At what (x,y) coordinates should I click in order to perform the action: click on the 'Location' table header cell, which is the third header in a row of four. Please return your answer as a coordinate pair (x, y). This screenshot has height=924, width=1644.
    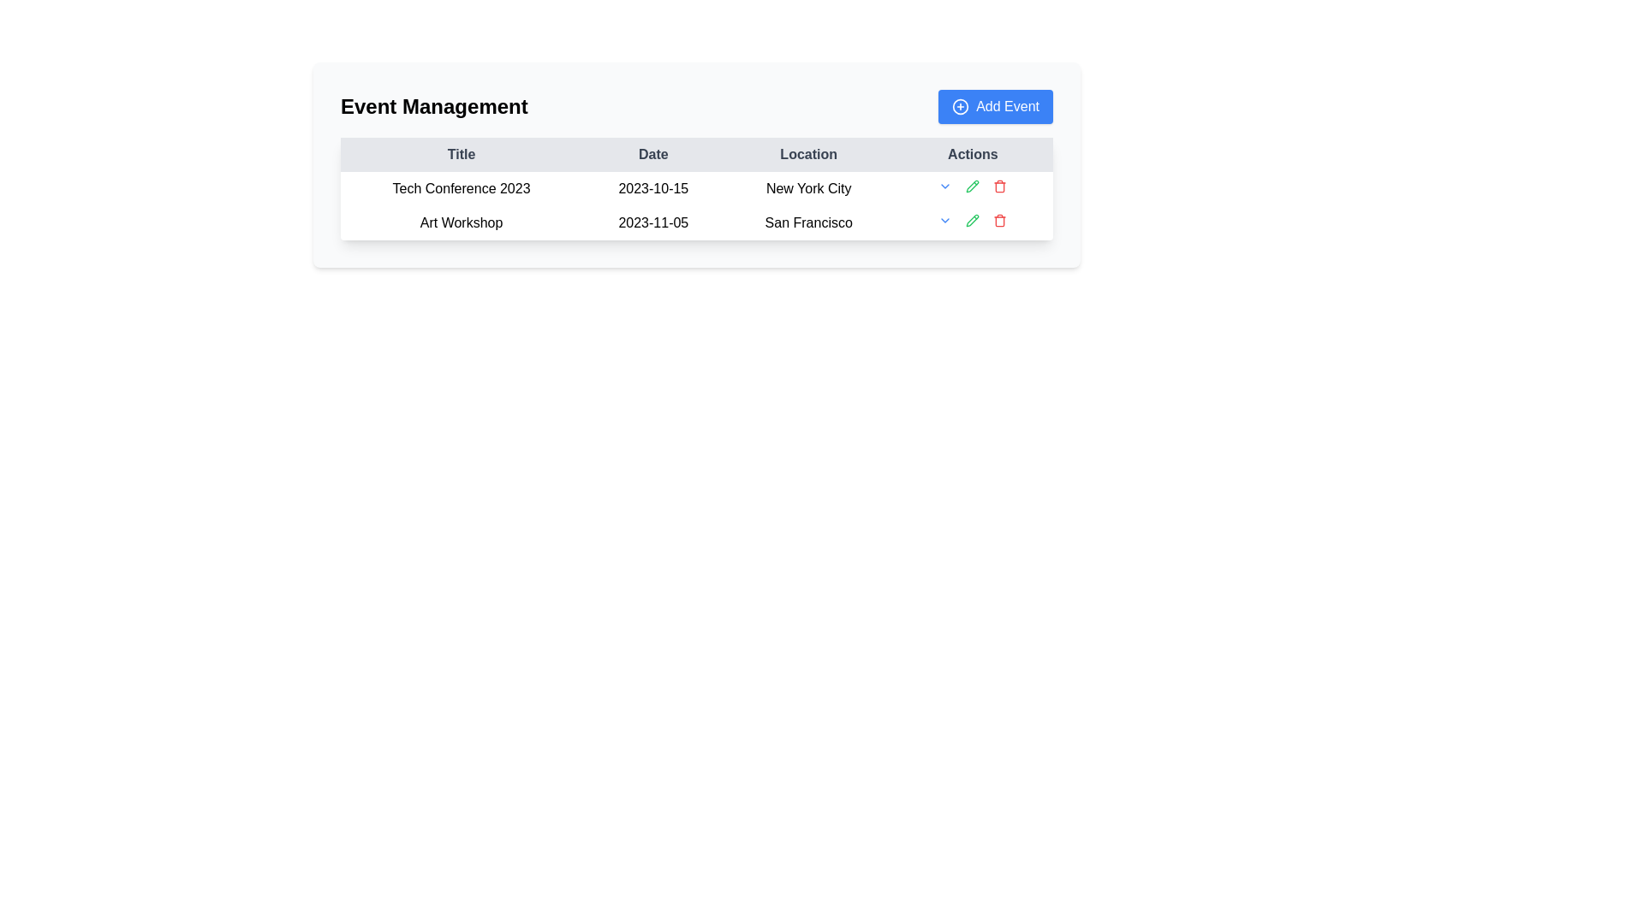
    Looking at the image, I should click on (807, 155).